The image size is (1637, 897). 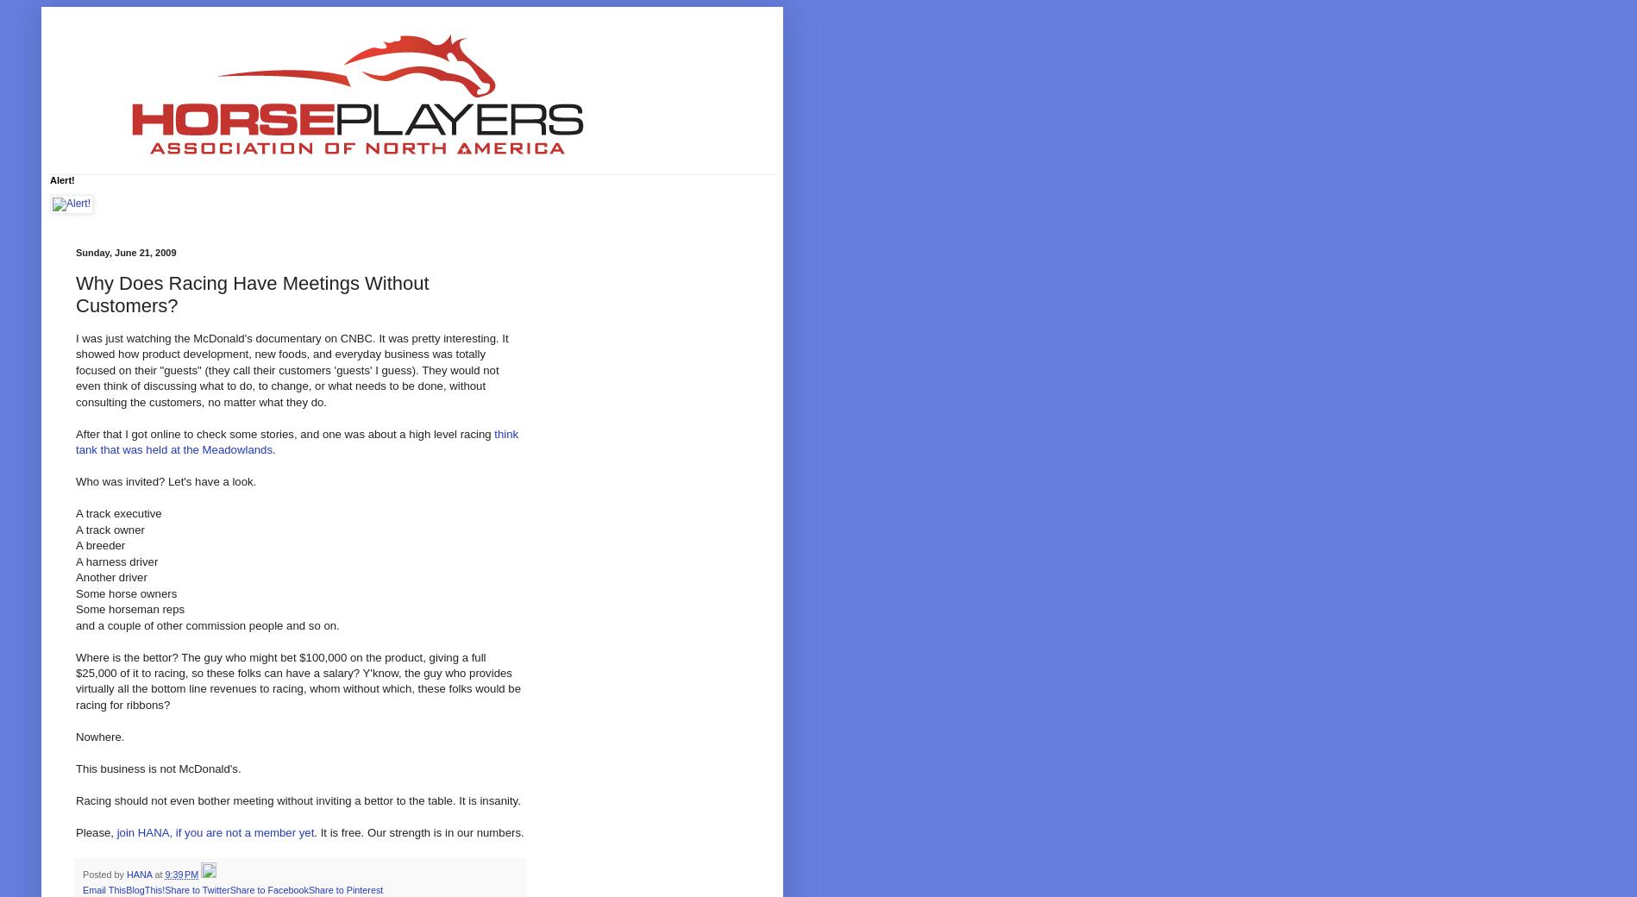 What do you see at coordinates (144, 888) in the screenshot?
I see `'BlogThis!'` at bounding box center [144, 888].